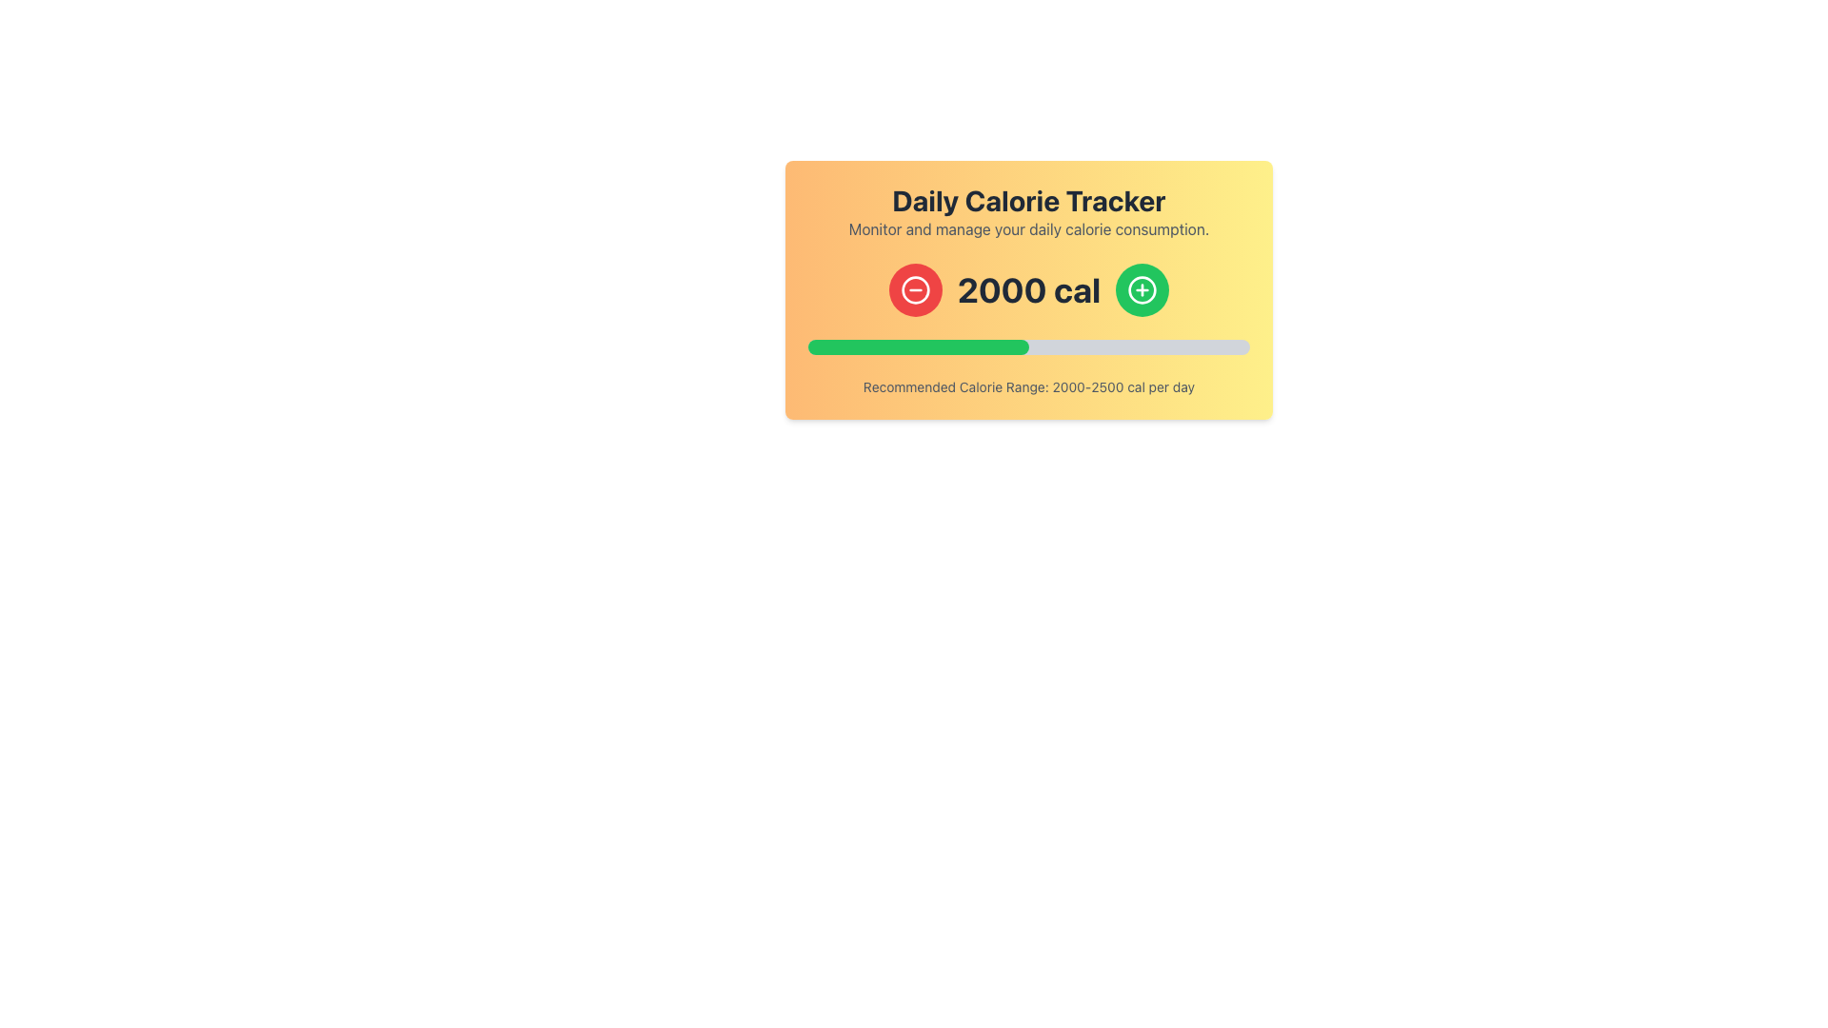 The width and height of the screenshot is (1828, 1028). Describe the element at coordinates (915, 289) in the screenshot. I see `the decrement button located on the left side of the calorie count indicator in the 'Daily Calorie Tracker' interface to decrease the current calorie count` at that location.